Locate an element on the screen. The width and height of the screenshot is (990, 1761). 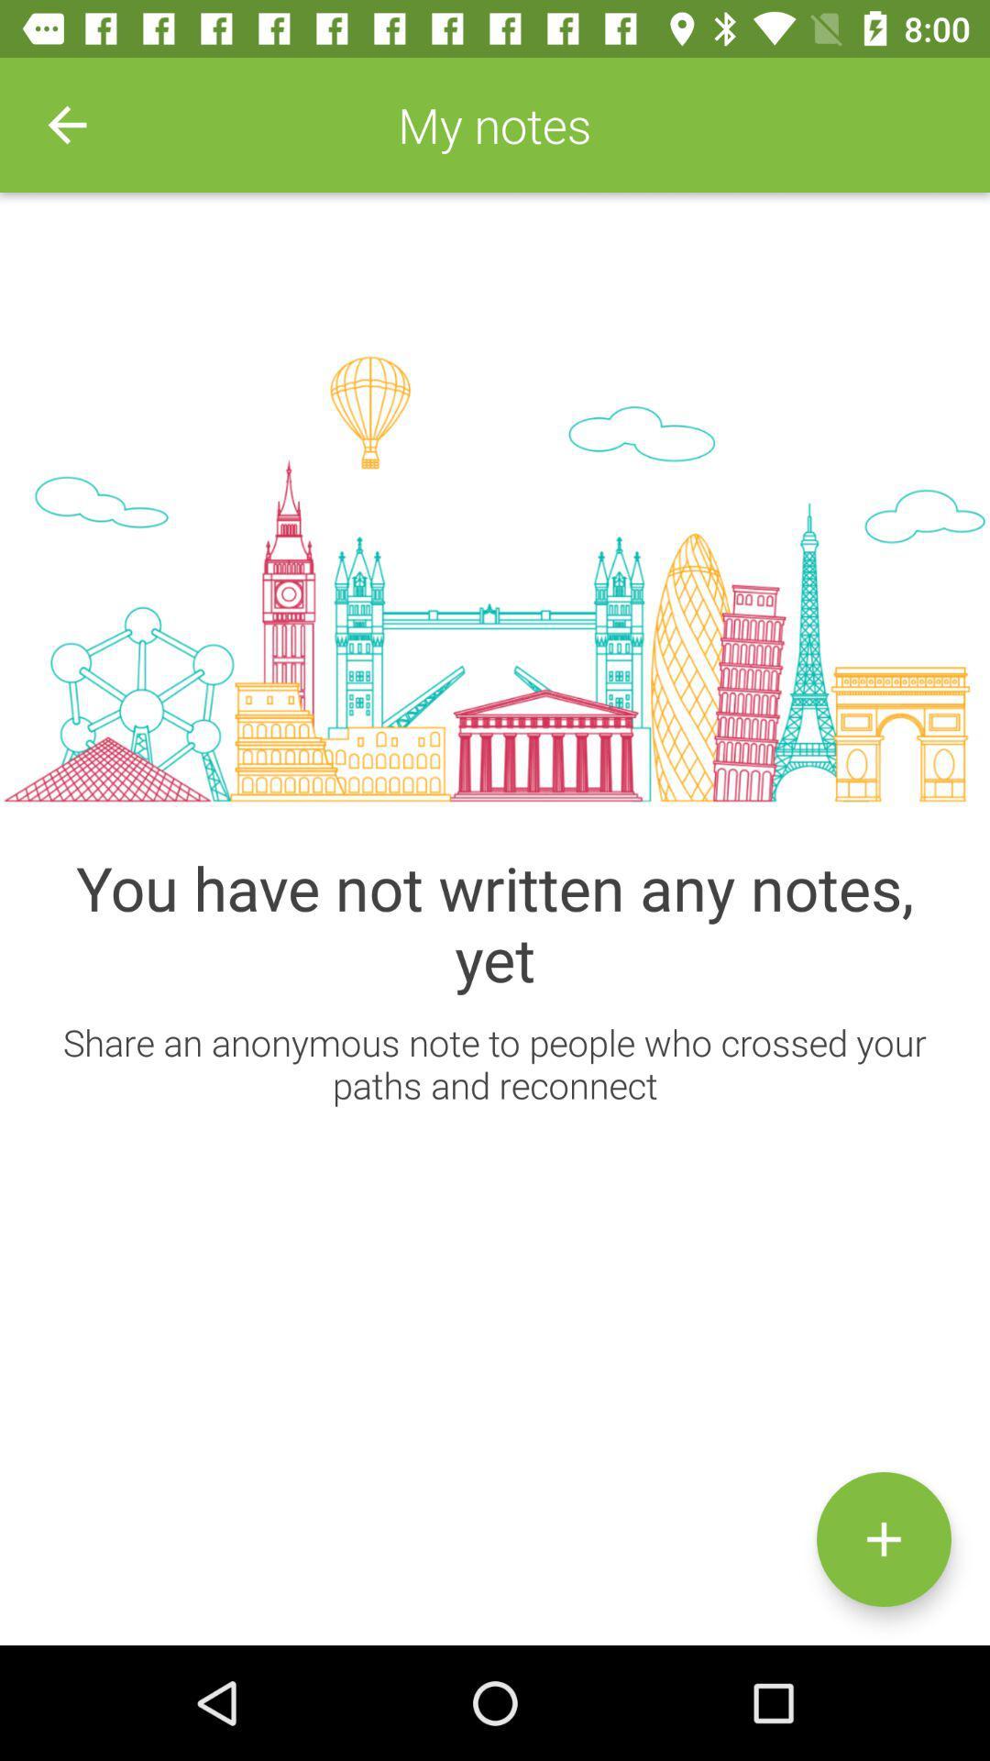
the icon at the bottom right corner is located at coordinates (883, 1539).